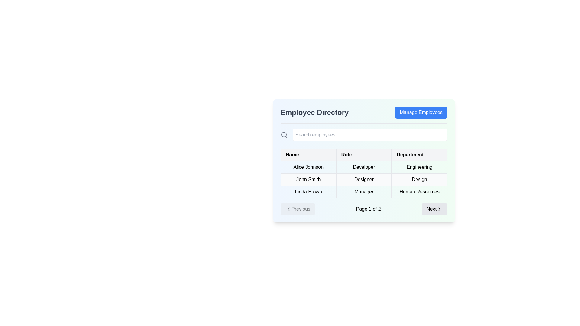 The width and height of the screenshot is (580, 326). What do you see at coordinates (308, 179) in the screenshot?
I see `the table cell containing the text 'John Smith' in the 'Employee Directory' table, located in the second row and first column under the 'Name' column header` at bounding box center [308, 179].